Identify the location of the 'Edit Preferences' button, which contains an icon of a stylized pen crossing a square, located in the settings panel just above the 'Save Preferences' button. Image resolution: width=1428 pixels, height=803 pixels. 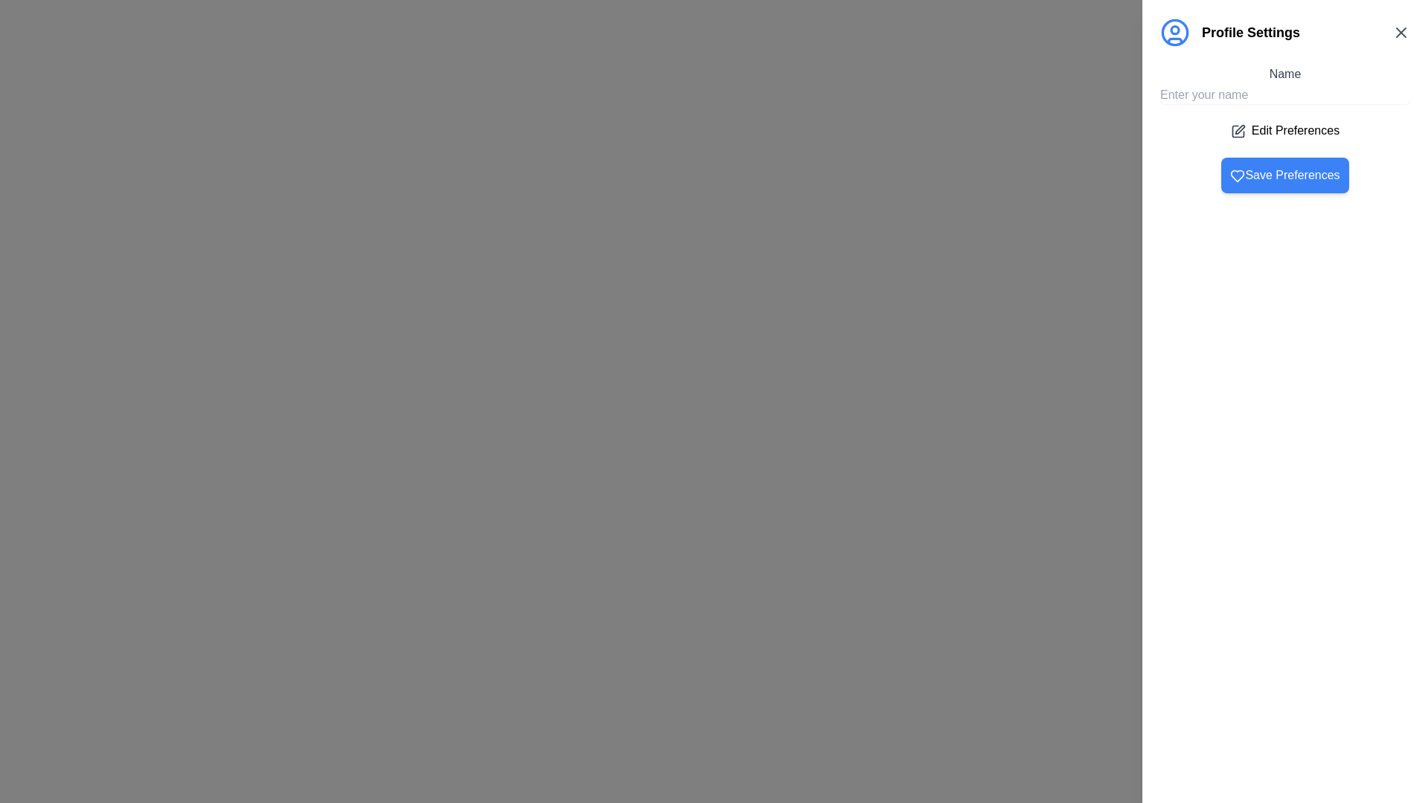
(1240, 129).